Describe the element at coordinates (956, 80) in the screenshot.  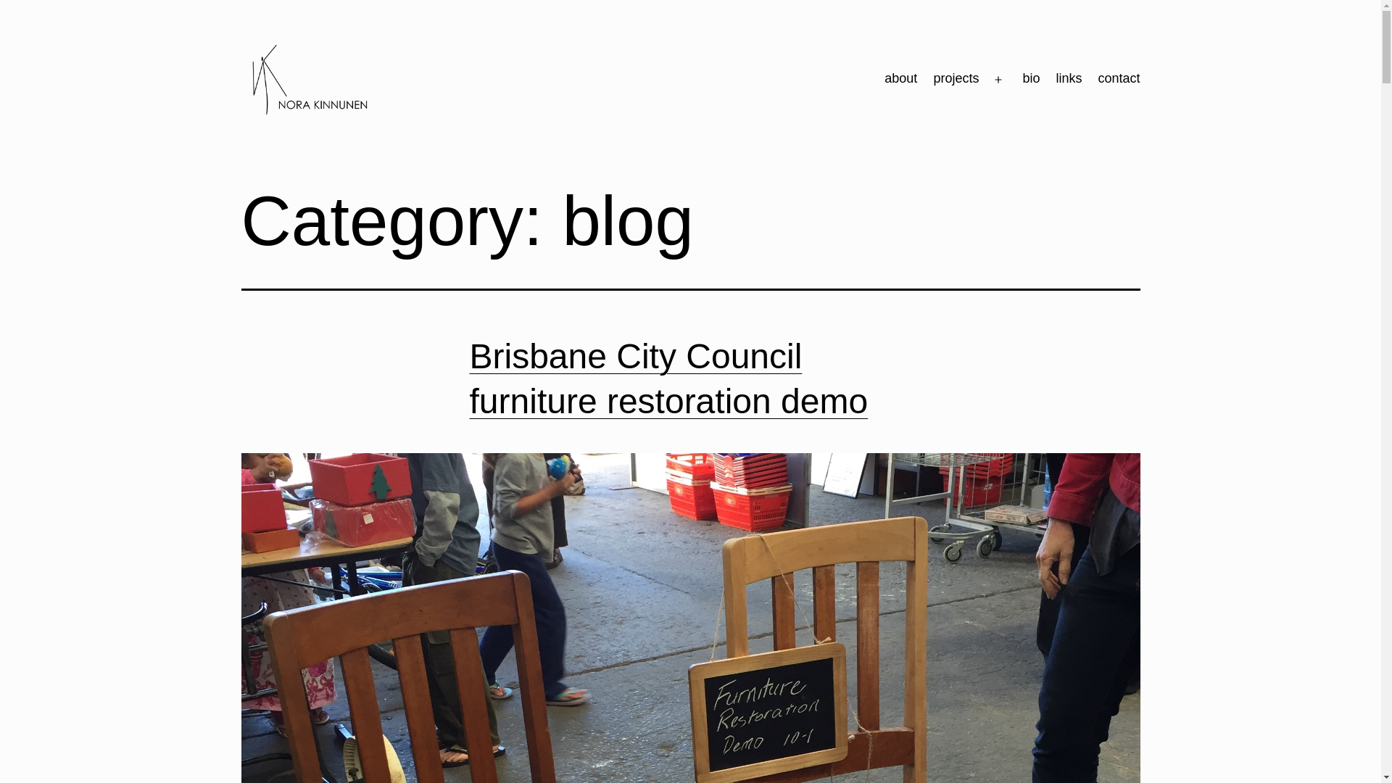
I see `'projects'` at that location.